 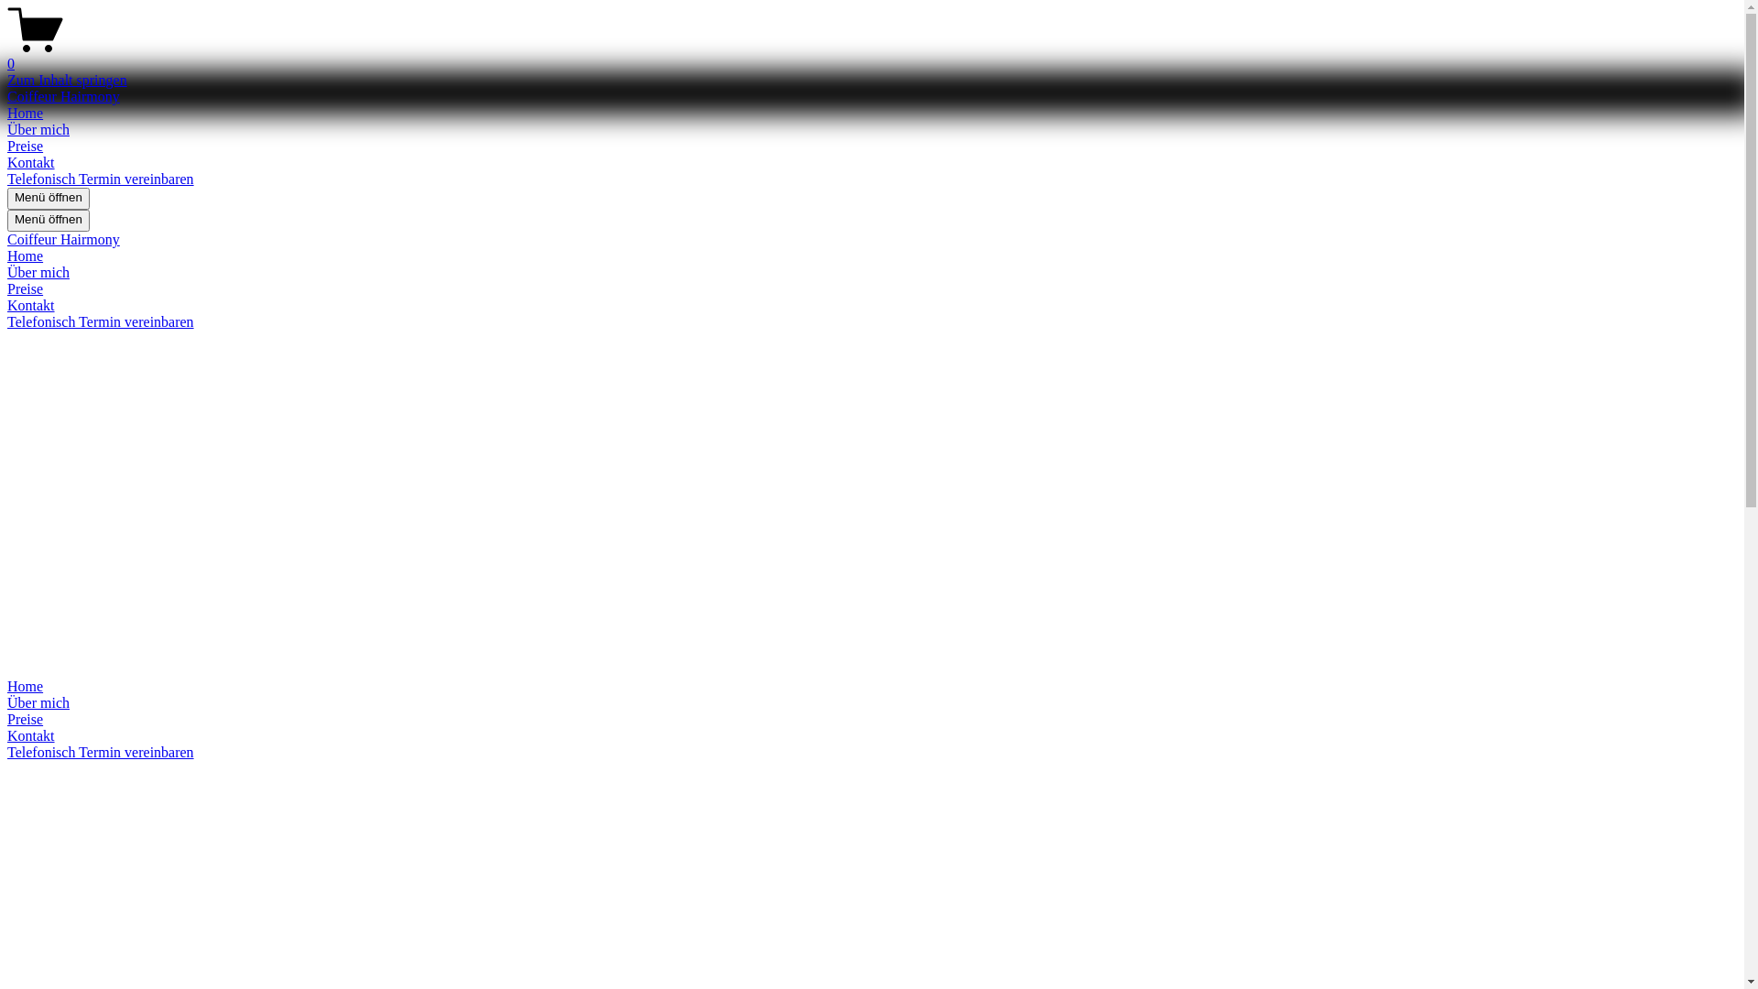 I want to click on 'Kontakt', so click(x=30, y=161).